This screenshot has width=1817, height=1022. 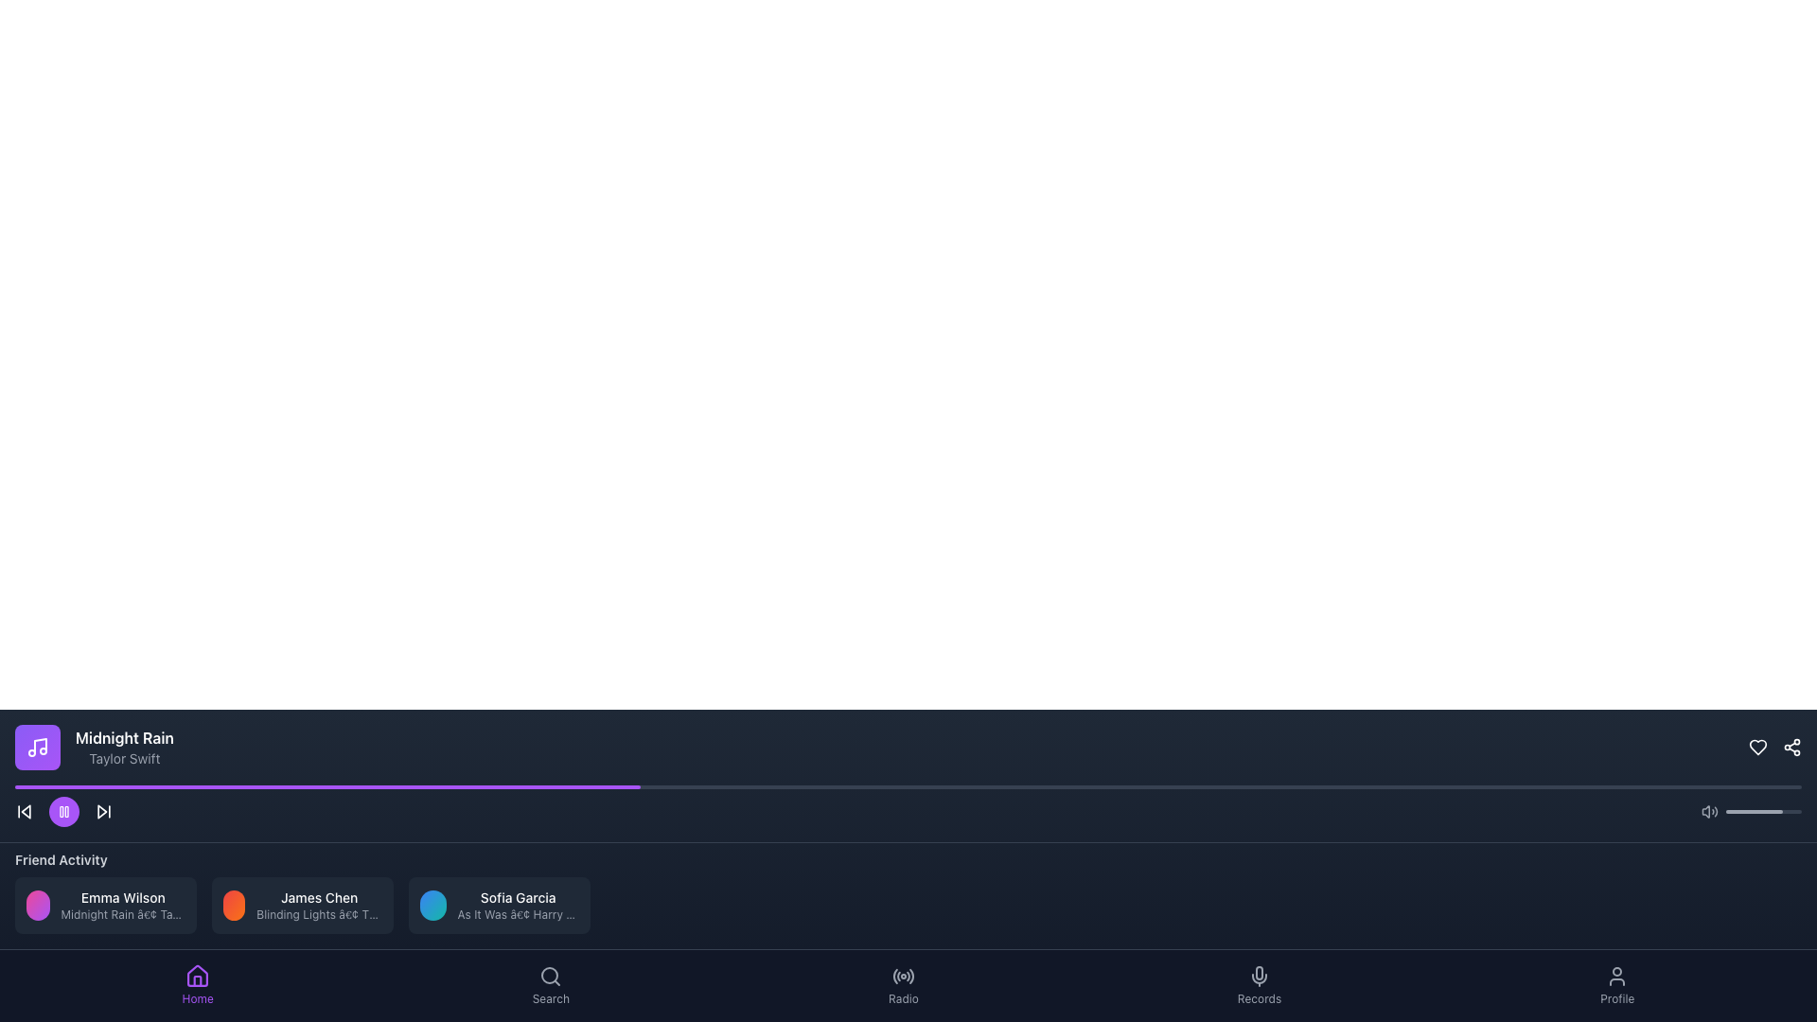 What do you see at coordinates (66, 810) in the screenshot?
I see `the right bar of the pause icon` at bounding box center [66, 810].